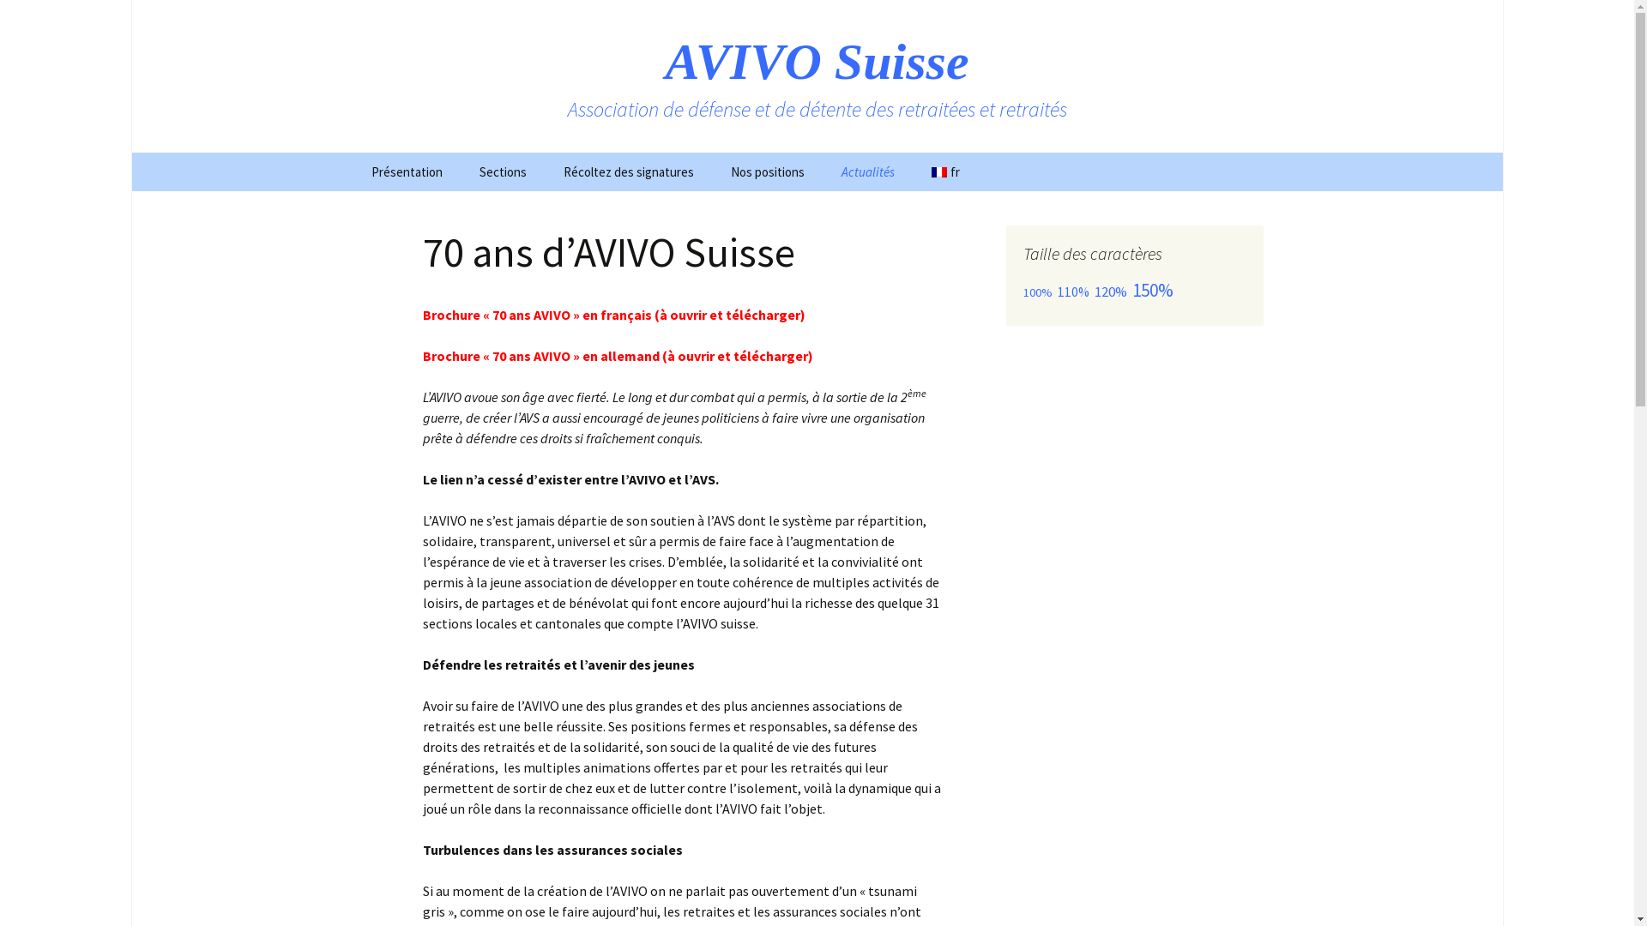 Image resolution: width=1647 pixels, height=926 pixels. What do you see at coordinates (1153, 289) in the screenshot?
I see `'150%'` at bounding box center [1153, 289].